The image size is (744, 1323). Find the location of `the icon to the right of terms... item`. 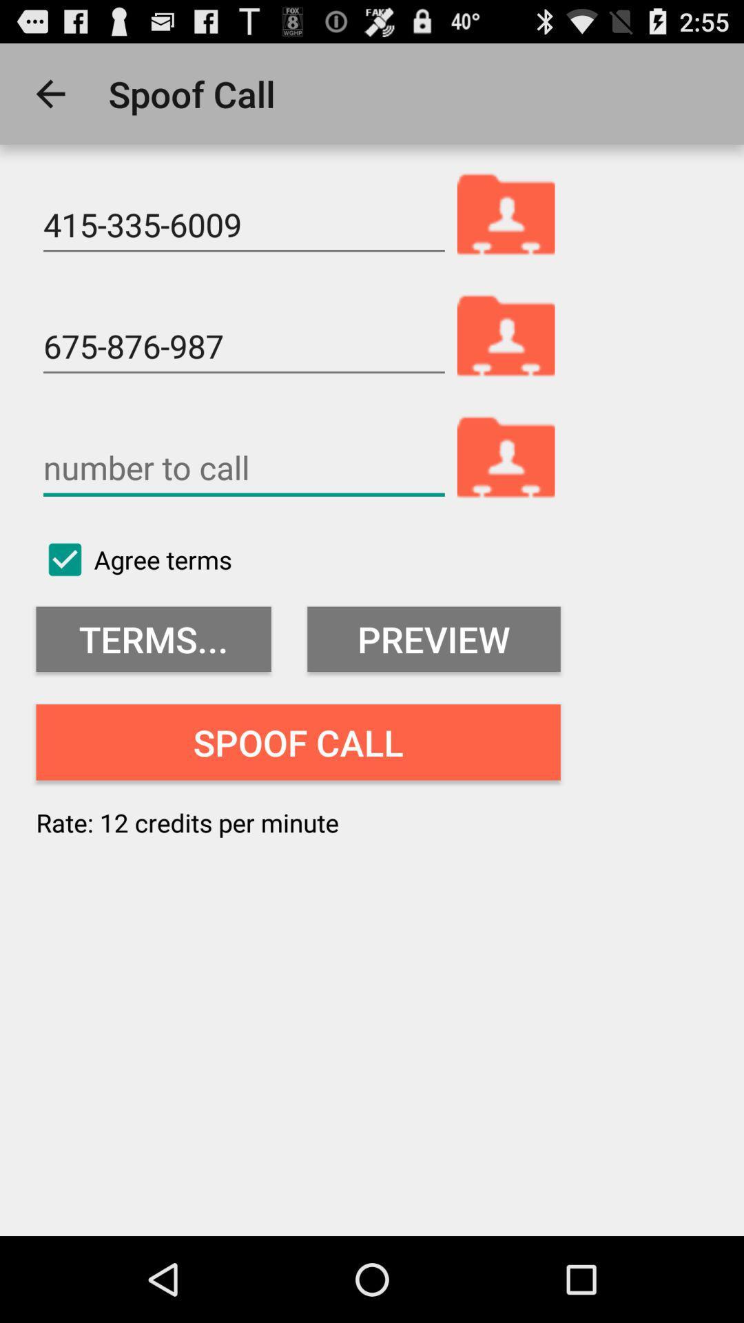

the icon to the right of terms... item is located at coordinates (433, 638).